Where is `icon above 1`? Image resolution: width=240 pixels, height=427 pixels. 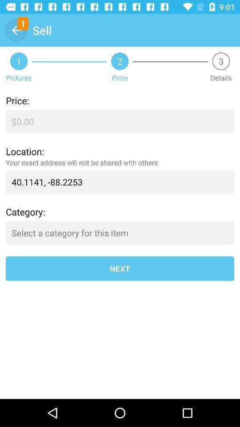 icon above 1 is located at coordinates (16, 30).